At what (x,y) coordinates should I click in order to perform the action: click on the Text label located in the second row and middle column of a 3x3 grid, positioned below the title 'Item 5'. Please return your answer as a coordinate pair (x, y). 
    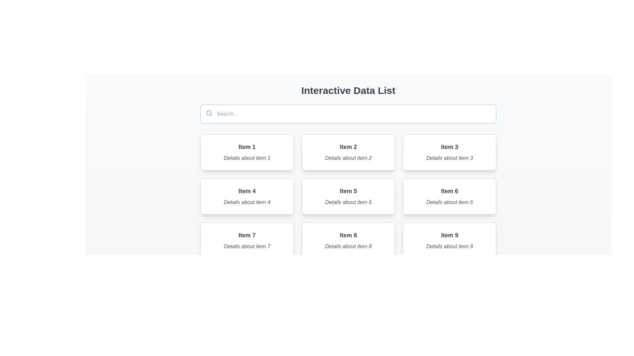
    Looking at the image, I should click on (348, 202).